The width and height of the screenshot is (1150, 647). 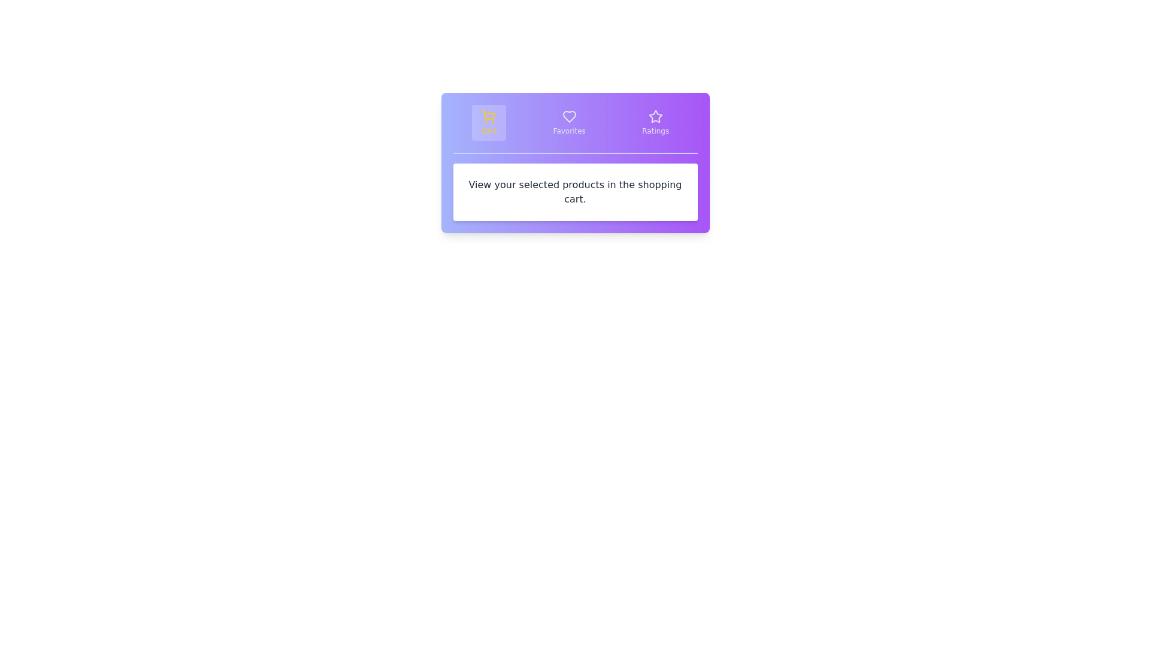 What do you see at coordinates (655, 131) in the screenshot?
I see `textual label indicating the purpose of the associated icon for viewing or managing ratings, located in the third section of the horizontal navigation bar below the star icon` at bounding box center [655, 131].